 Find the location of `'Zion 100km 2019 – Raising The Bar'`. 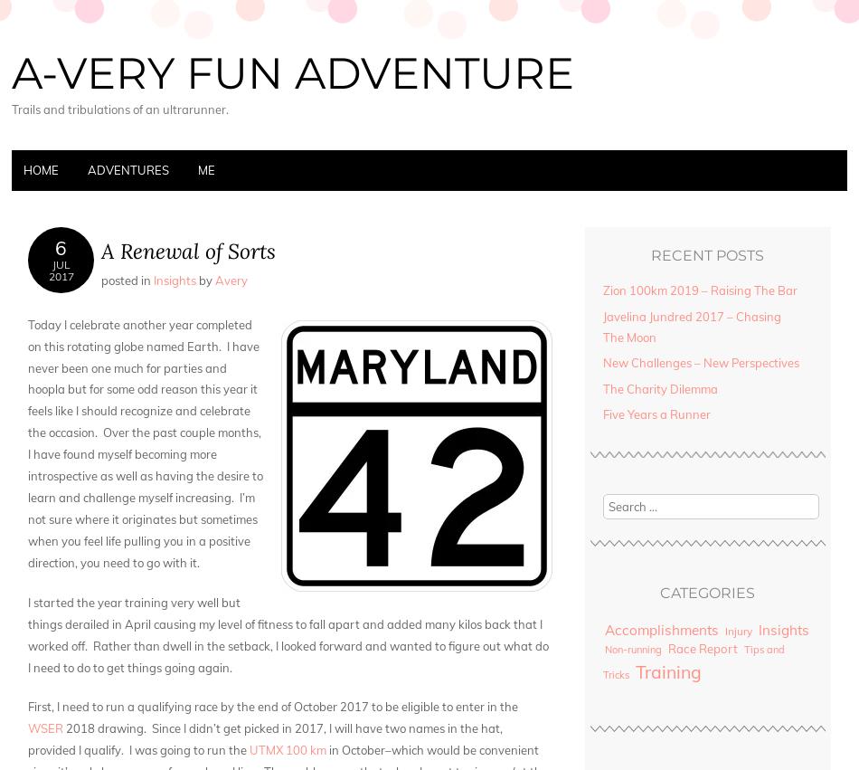

'Zion 100km 2019 – Raising The Bar' is located at coordinates (698, 289).